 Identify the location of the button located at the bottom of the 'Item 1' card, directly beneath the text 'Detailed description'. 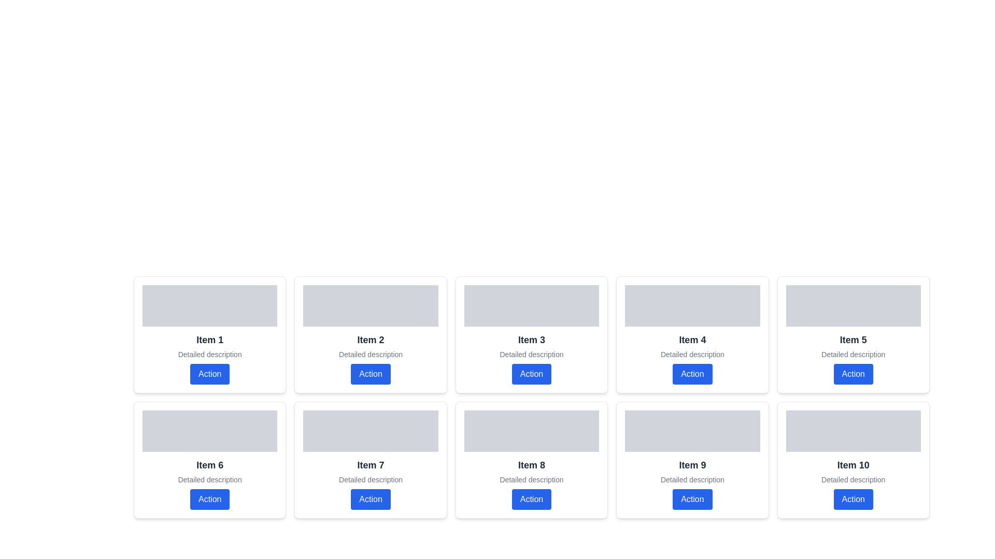
(209, 374).